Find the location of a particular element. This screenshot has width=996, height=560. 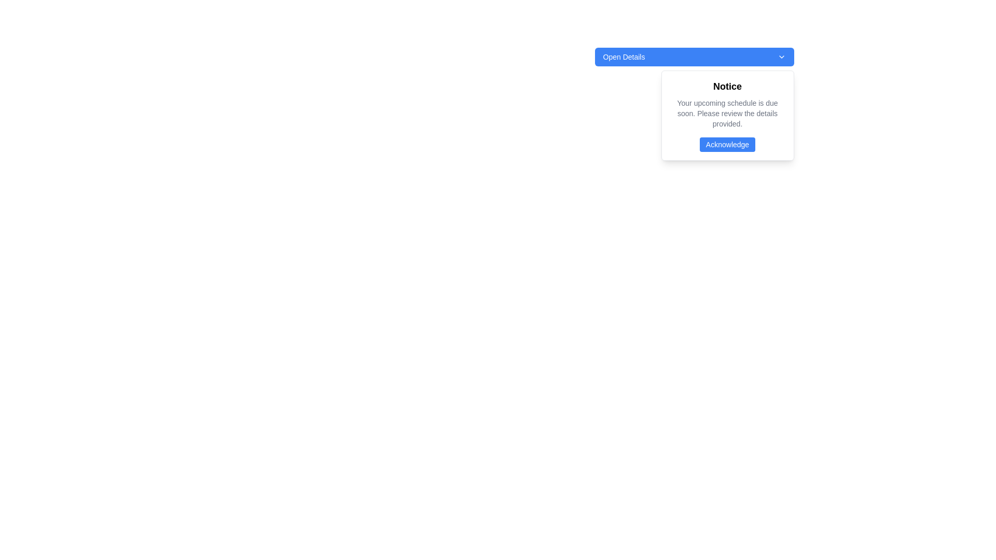

the text block styled with a small font size and gray color, located beneath the heading 'Notice' and above the button labeled 'Acknowledge' is located at coordinates (727, 114).